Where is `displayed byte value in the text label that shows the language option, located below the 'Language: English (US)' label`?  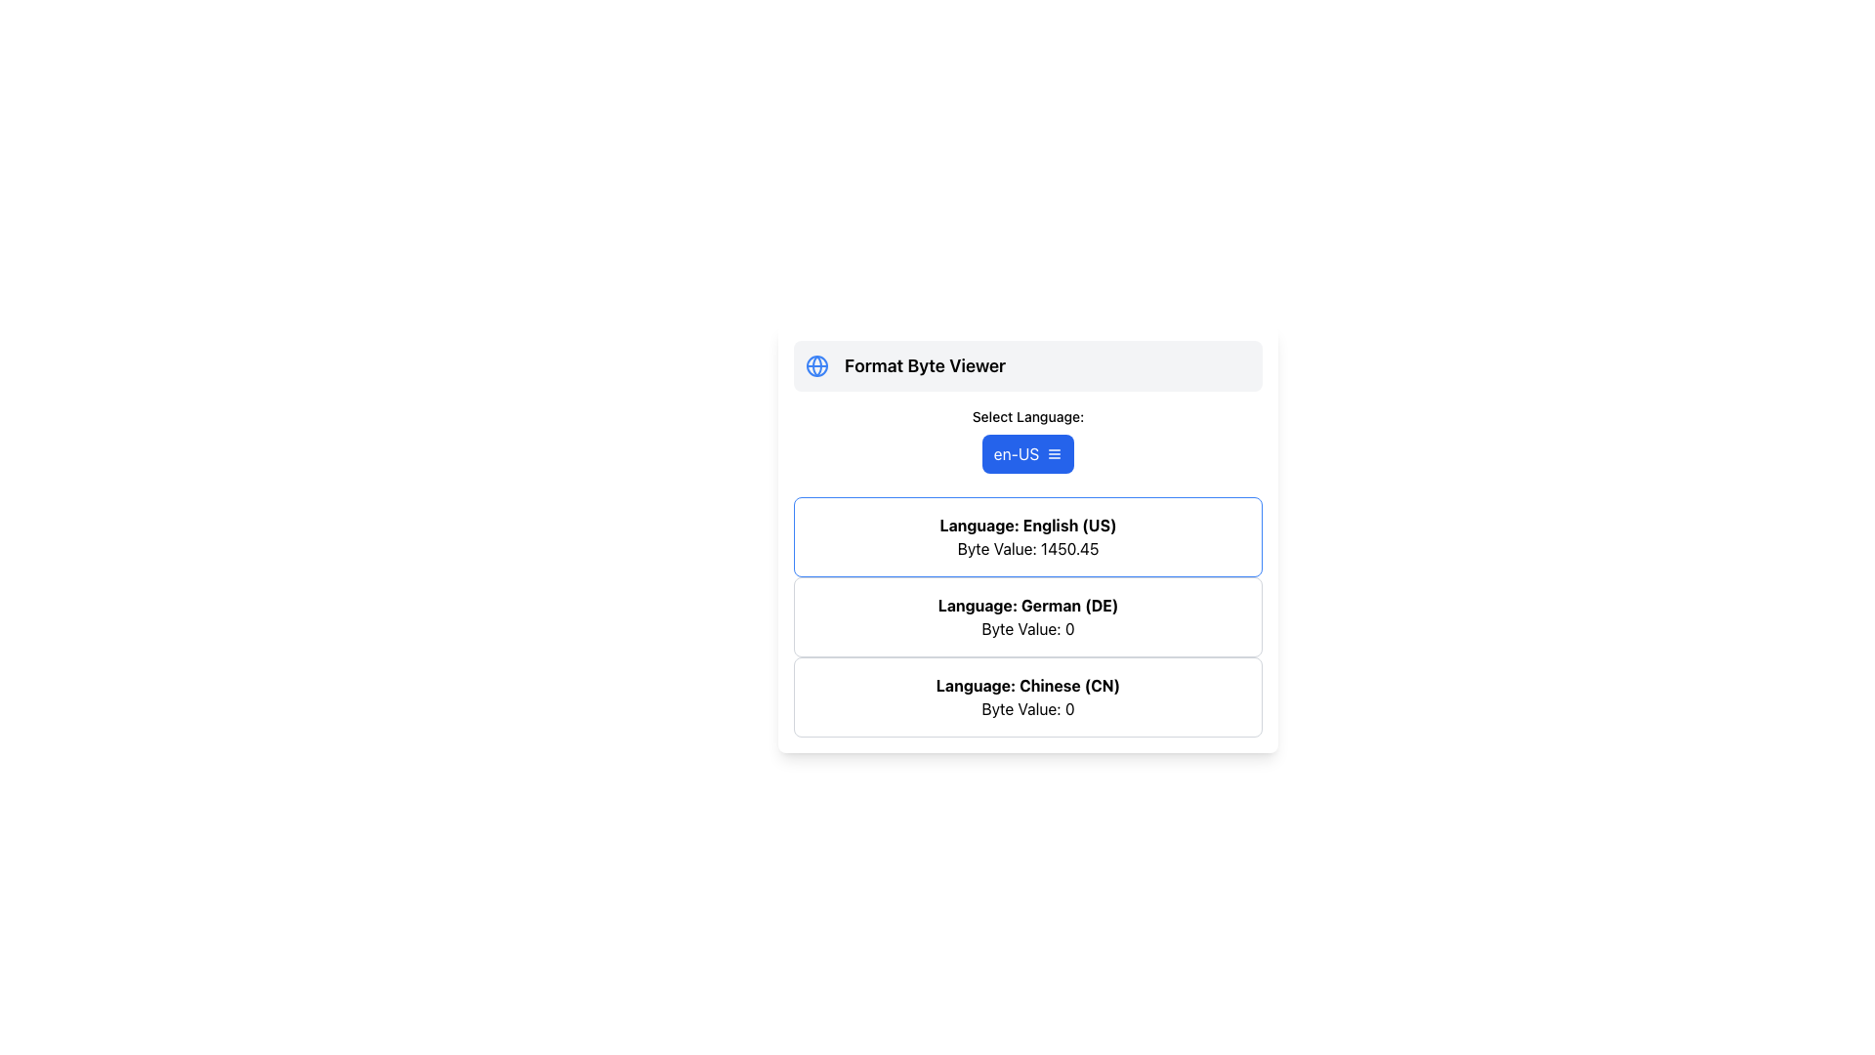 displayed byte value in the text label that shows the language option, located below the 'Language: English (US)' label is located at coordinates (1026, 549).